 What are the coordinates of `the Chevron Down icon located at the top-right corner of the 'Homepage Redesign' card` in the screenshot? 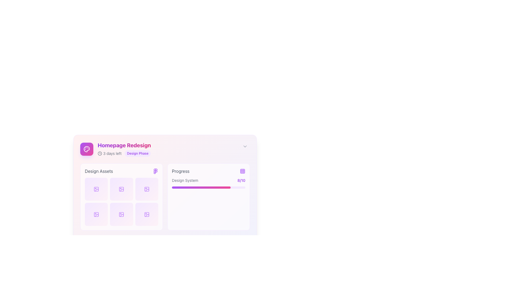 It's located at (245, 146).